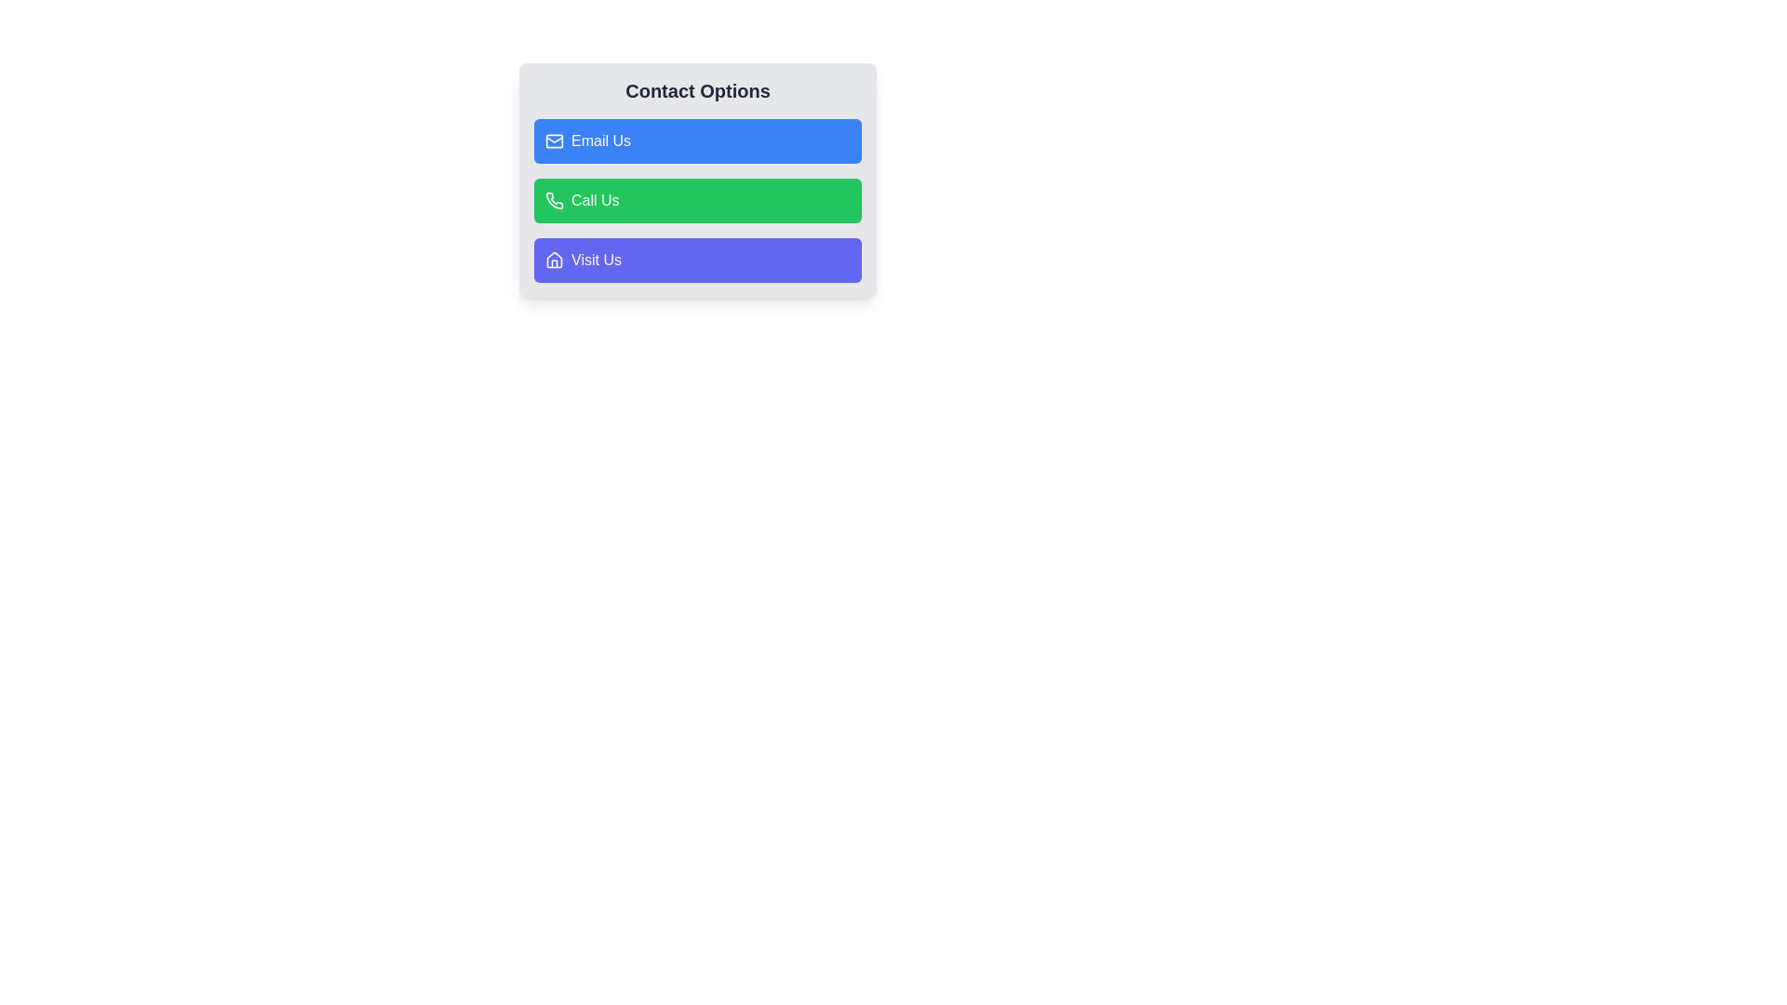  Describe the element at coordinates (601, 140) in the screenshot. I see `the non-interactive text label that identifies the first button in the 'Contact Options' section, which is centrally aligned within a blue button` at that location.